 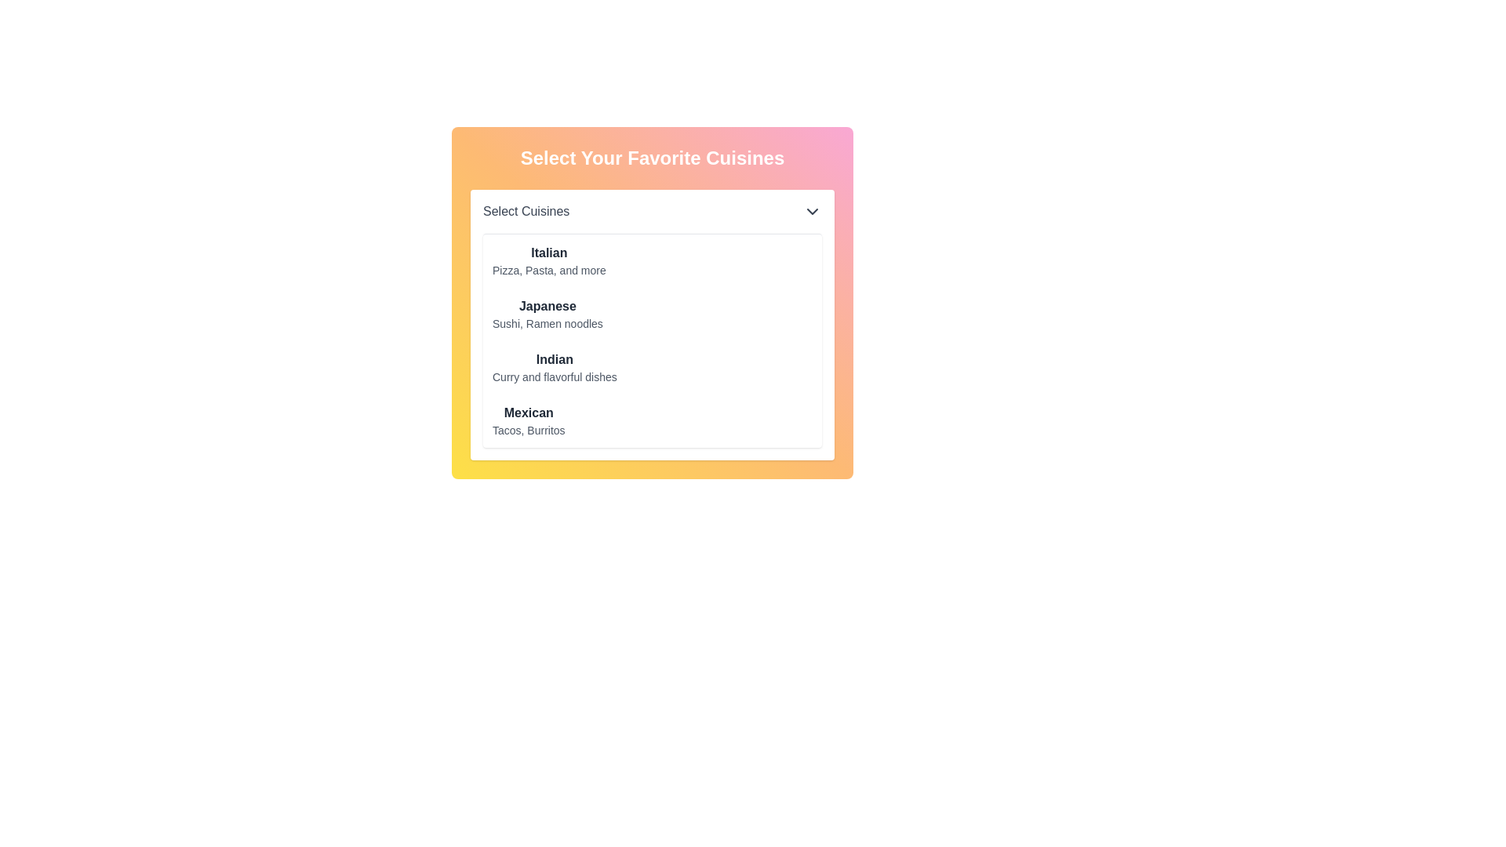 I want to click on text label displaying 'Tacos, Burritos' located directly below the 'Mexican' heading in the 'Select Your Favorite Cuisines' list, so click(x=529, y=430).